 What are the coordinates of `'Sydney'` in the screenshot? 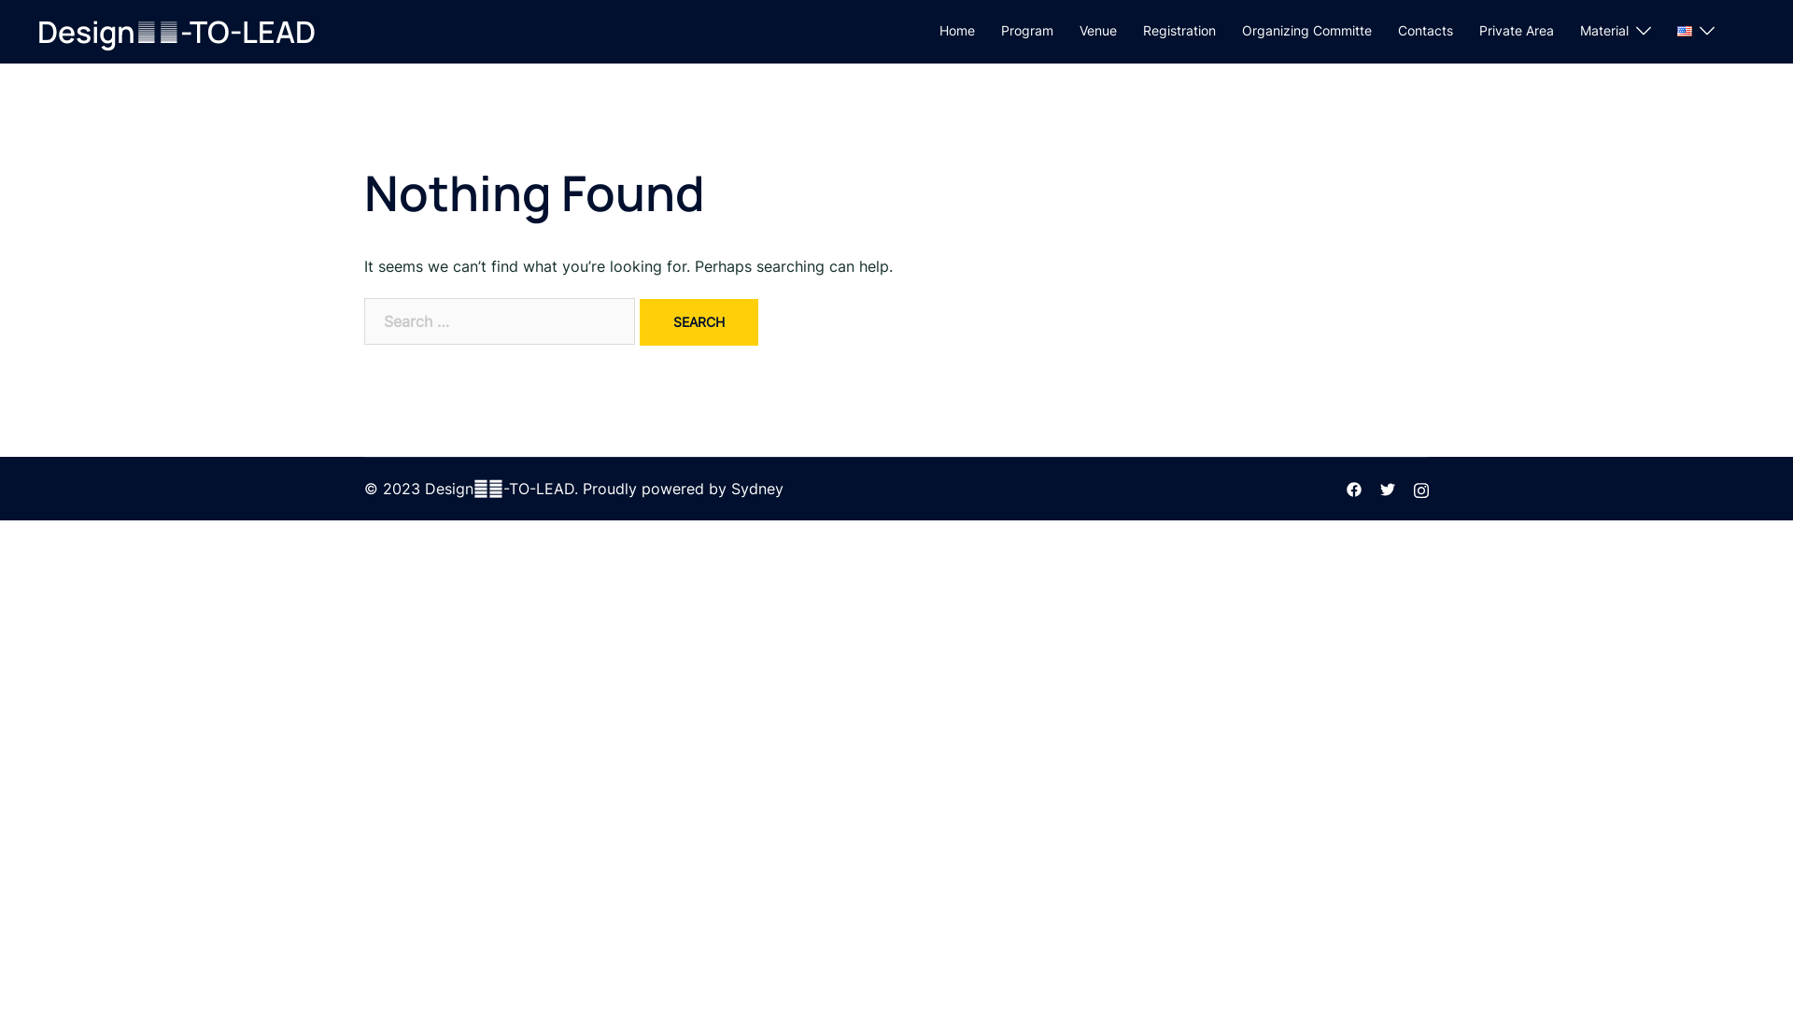 It's located at (729, 488).